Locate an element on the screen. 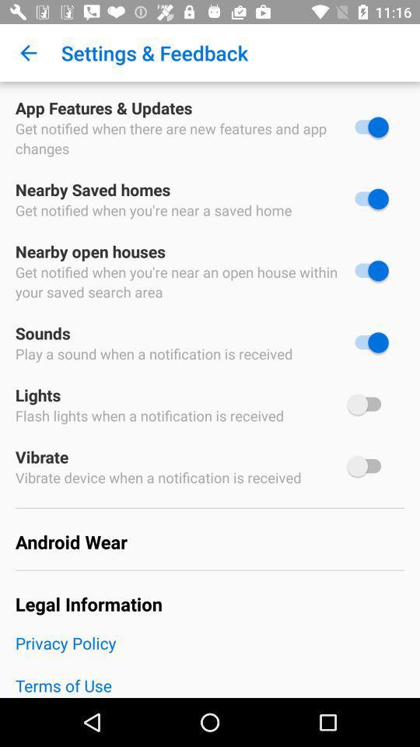 The width and height of the screenshot is (420, 747). sounds toggle switch is located at coordinates (367, 342).